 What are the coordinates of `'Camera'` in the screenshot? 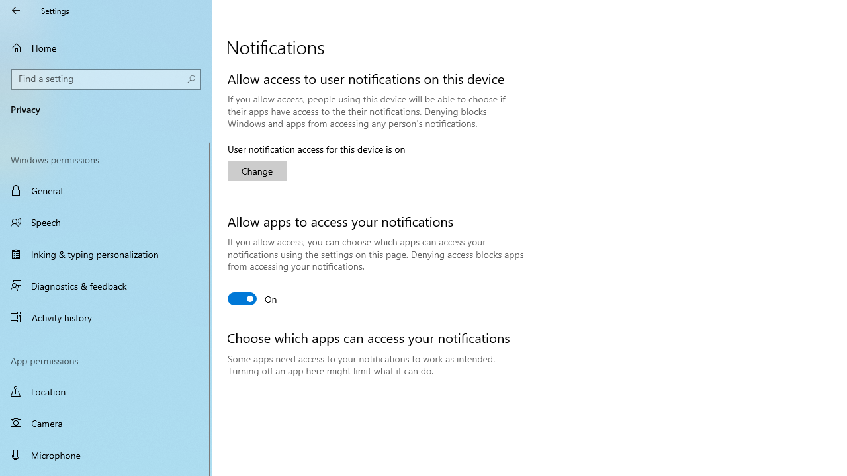 It's located at (106, 423).